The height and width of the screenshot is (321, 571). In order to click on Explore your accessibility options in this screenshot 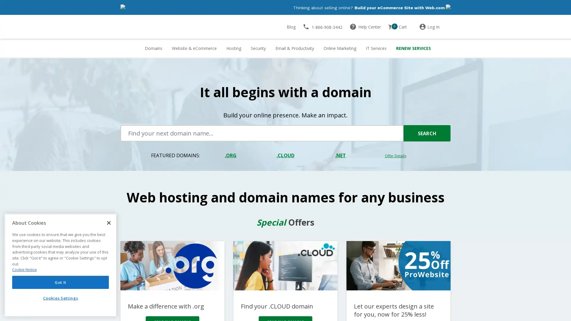, I will do `click(10, 291)`.